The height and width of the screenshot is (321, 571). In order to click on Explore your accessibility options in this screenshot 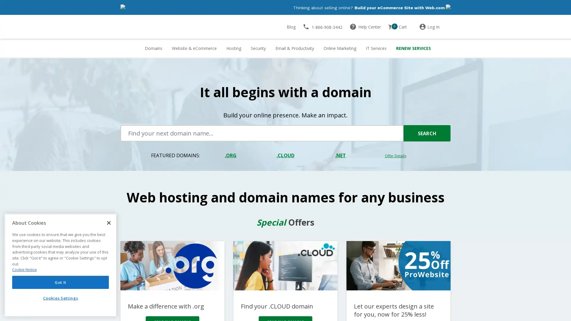, I will do `click(10, 291)`.